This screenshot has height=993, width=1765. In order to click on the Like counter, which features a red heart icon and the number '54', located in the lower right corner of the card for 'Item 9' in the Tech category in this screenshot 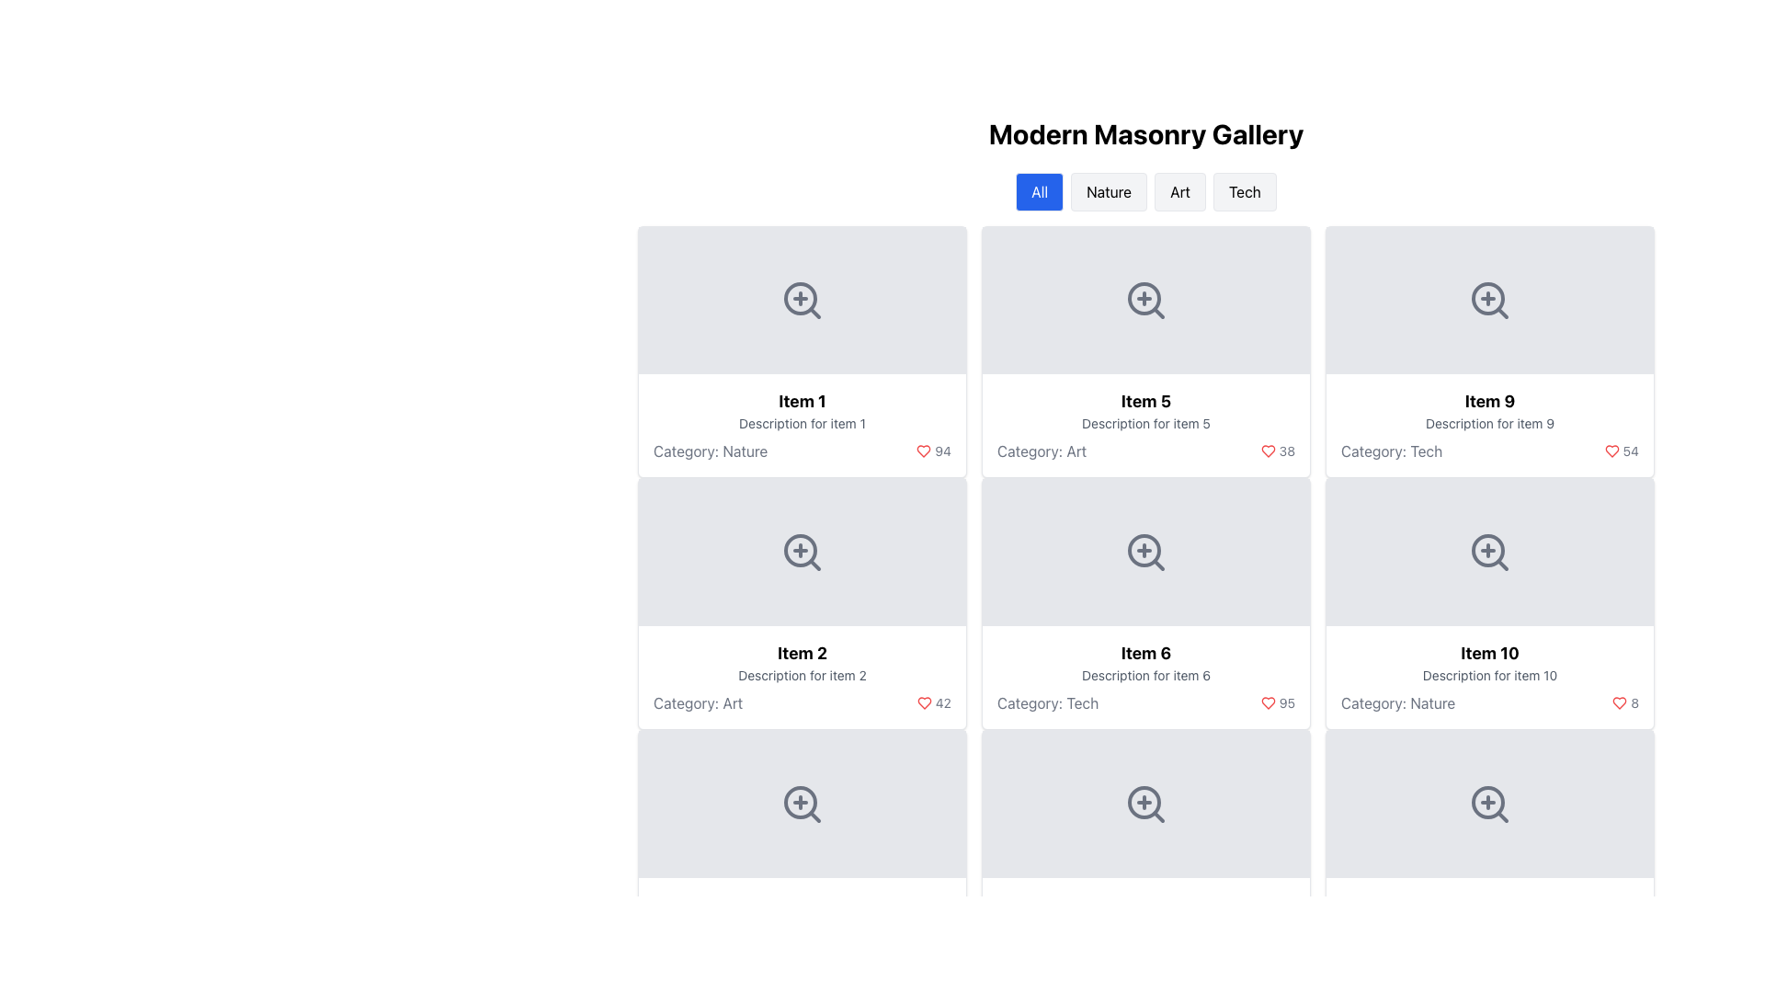, I will do `click(1622, 451)`.